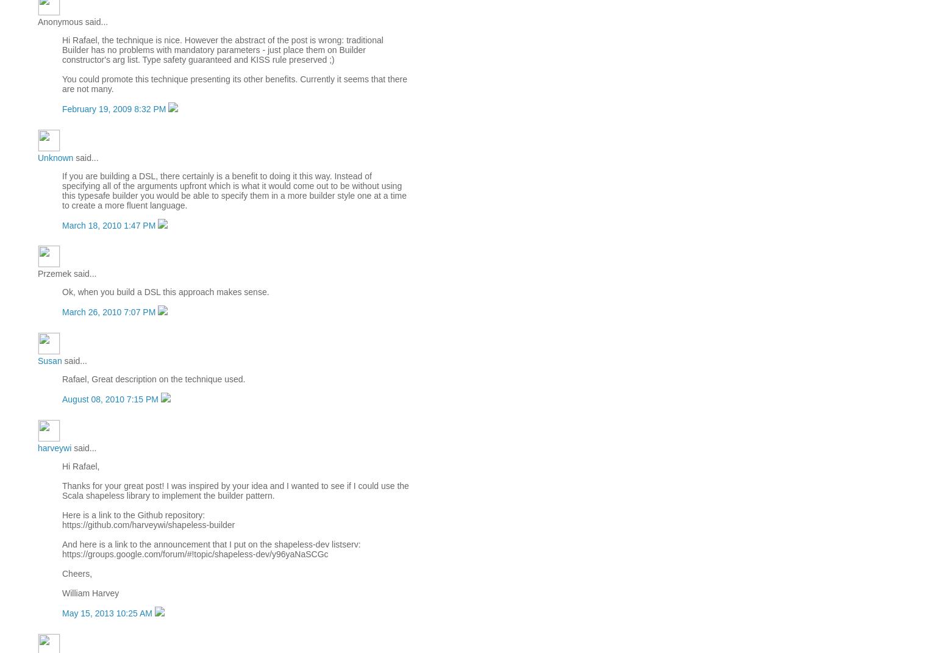 The image size is (942, 653). What do you see at coordinates (221, 49) in the screenshot?
I see `'Hi Rafael, the technique is nice. However the abstract of the post is wrong: traditional Builder has no problems with mandatory parameters - just place them on Builder constructor's arg list. Type safety guaranteed and KISS rule preserved ;)'` at bounding box center [221, 49].